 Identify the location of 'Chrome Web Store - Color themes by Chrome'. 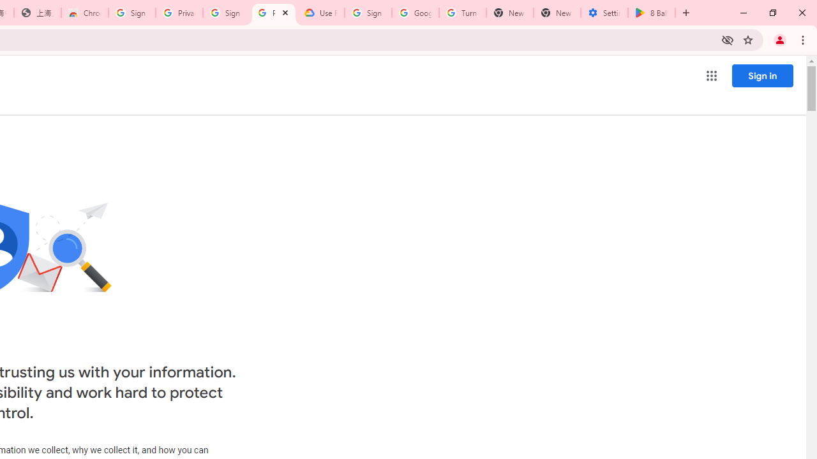
(84, 13).